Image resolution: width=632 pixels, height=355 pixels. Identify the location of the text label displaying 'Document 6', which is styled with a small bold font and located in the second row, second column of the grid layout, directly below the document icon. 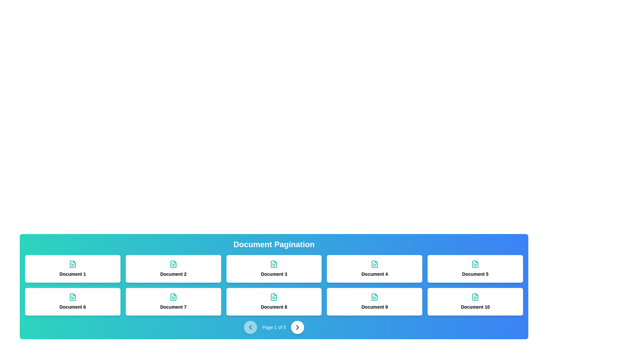
(72, 307).